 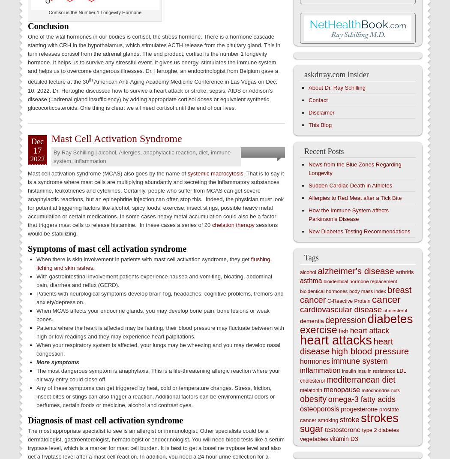 I want to click on 'mitochondria', so click(x=375, y=390).